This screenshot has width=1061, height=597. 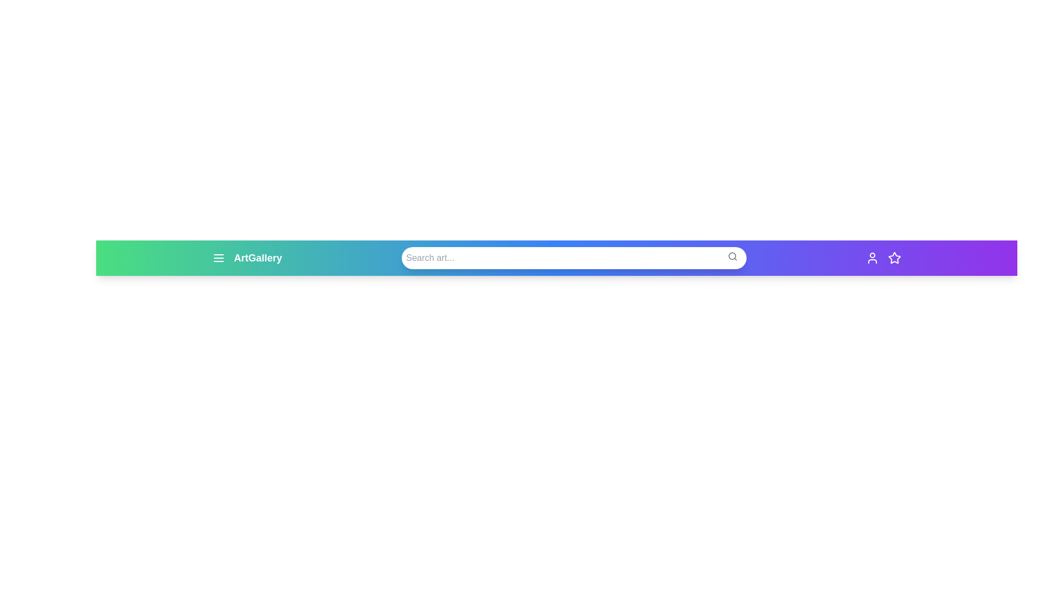 What do you see at coordinates (872, 258) in the screenshot?
I see `the user profile icon` at bounding box center [872, 258].